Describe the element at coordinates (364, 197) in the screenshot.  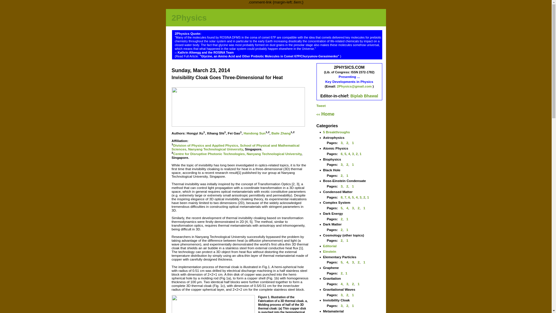
I see `'2'` at that location.